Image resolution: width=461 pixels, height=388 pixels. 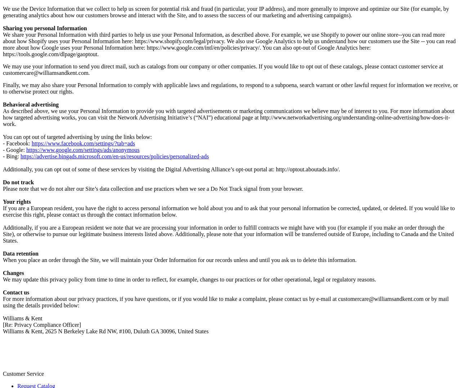 I want to click on 'As described above, we use your Personal Information to provide you with targeted advertisements or marketing communications we believe may be of interest to you. For more information about how targeted advertising works, you can visit the Network Advertising Initiative’s (“NAI”) educational page at http://www.networkadvertising.org/understanding-online-advertising/how-does-it-work.', so click(x=228, y=117).